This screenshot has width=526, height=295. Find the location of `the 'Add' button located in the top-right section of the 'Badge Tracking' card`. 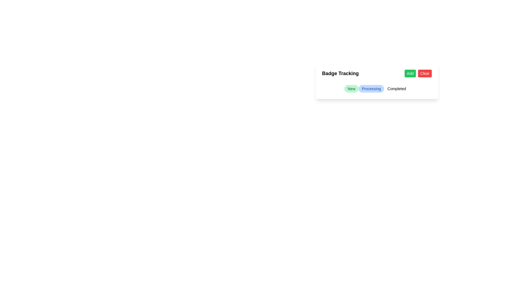

the 'Add' button located in the top-right section of the 'Badge Tracking' card is located at coordinates (410, 73).